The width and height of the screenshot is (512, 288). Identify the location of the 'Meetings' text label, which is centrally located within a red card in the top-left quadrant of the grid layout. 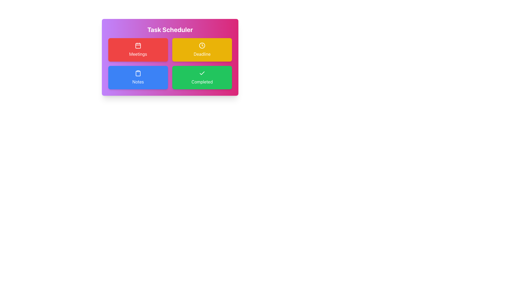
(138, 54).